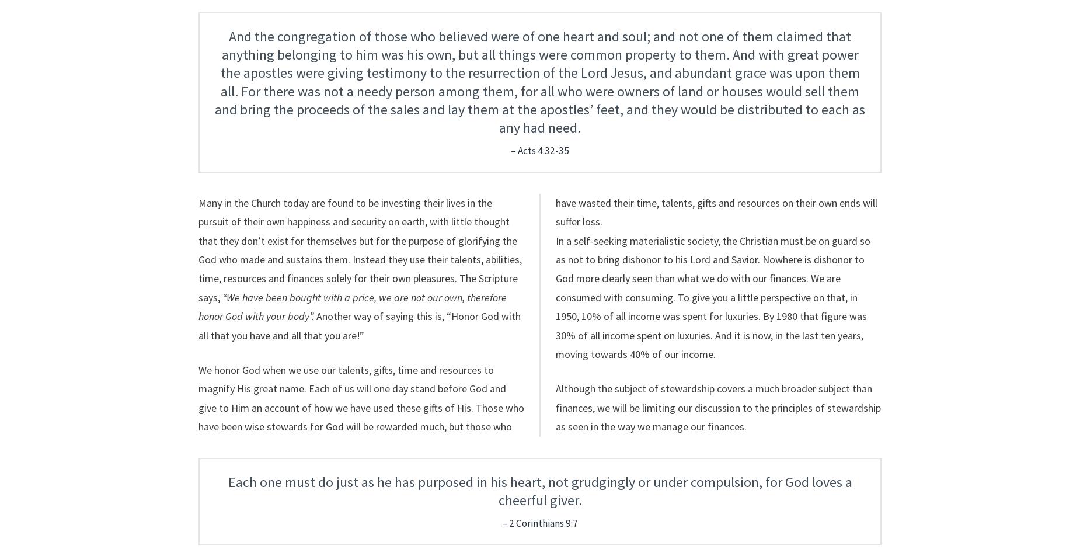 This screenshot has width=1080, height=556. What do you see at coordinates (540, 82) in the screenshot?
I see `'And the congregation of those who believed were of one heart and soul; and not one of them claimed that anything belonging to him was his own, but all things were common property to them. And with great power the apostles were giving testimony to the resurrection of the Lord Jesus, and abundant grace was upon them all. For there was not a needy person among them, for all who were owners of land or houses would sell them and bring the proceeds of the sales and lay them at the apostles’ feet, and they would be distributed to each as any had need.'` at bounding box center [540, 82].